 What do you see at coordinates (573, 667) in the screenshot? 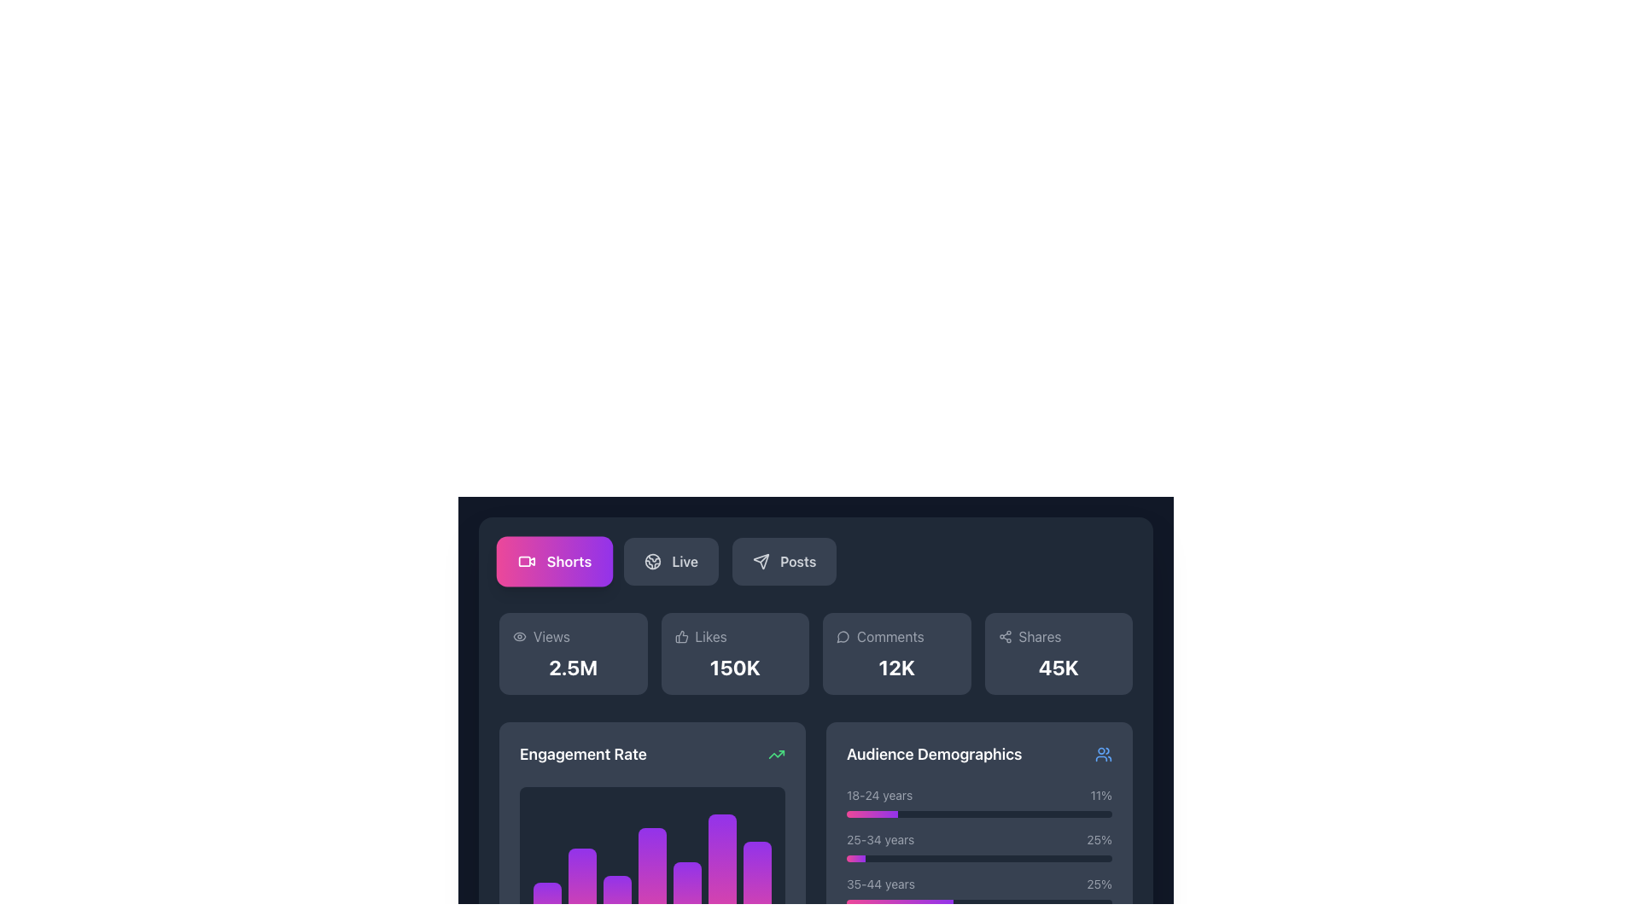
I see `the static text label displaying '2.5M', which is prominently featured in a bold, large white font against a dark background, located within the 'Views' card` at bounding box center [573, 667].